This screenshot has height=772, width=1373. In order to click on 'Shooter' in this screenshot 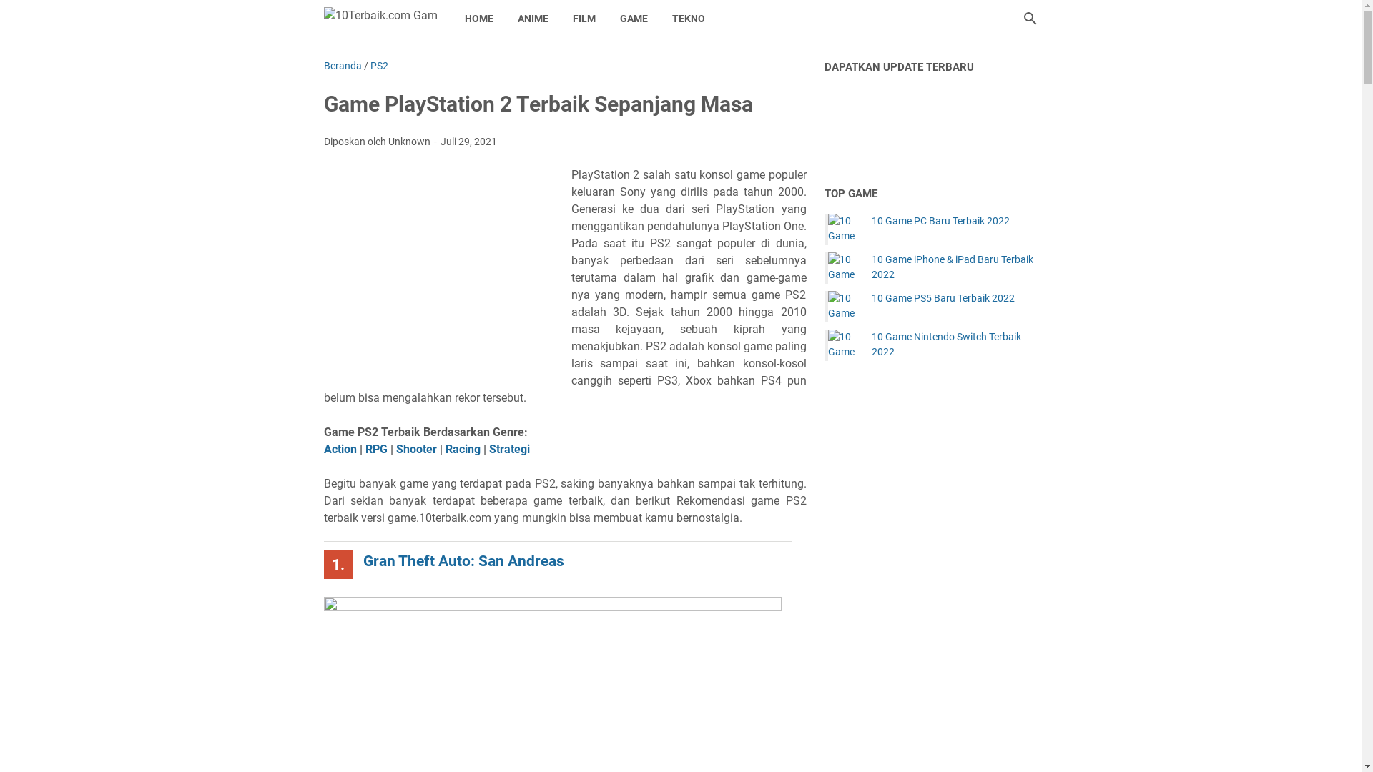, I will do `click(415, 448)`.